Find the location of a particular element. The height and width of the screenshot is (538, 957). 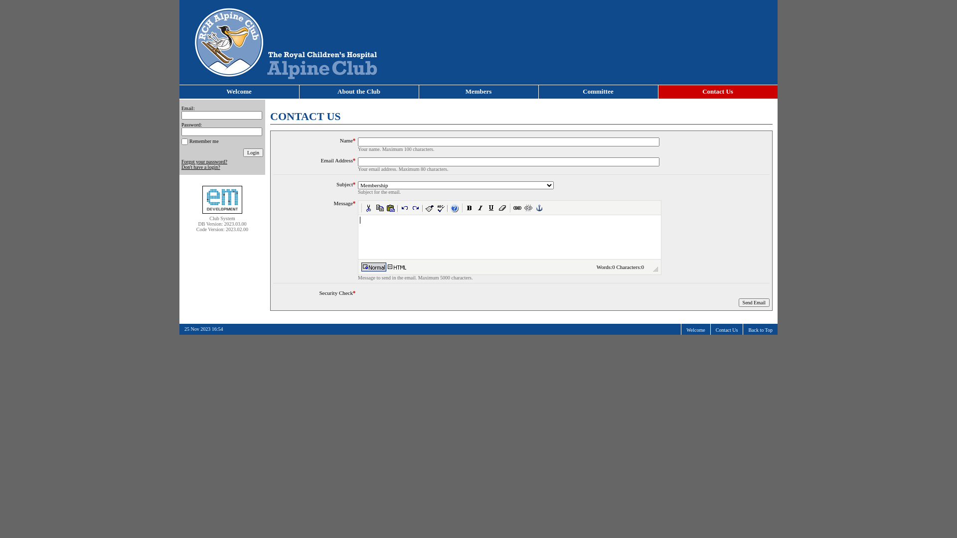

'Normal' is located at coordinates (373, 267).